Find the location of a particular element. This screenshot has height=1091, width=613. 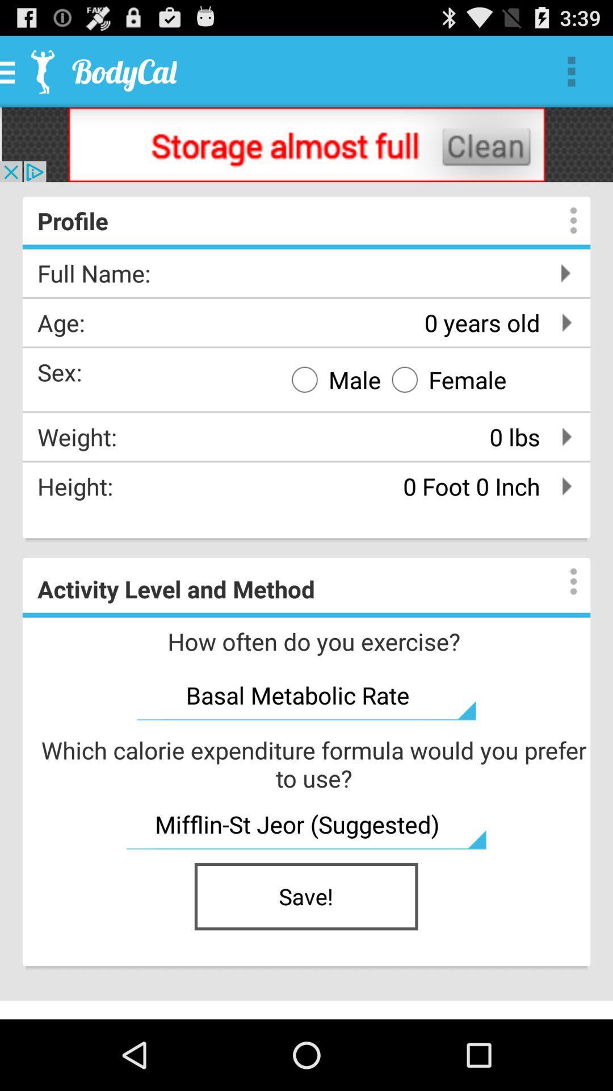

see details is located at coordinates (562, 220).